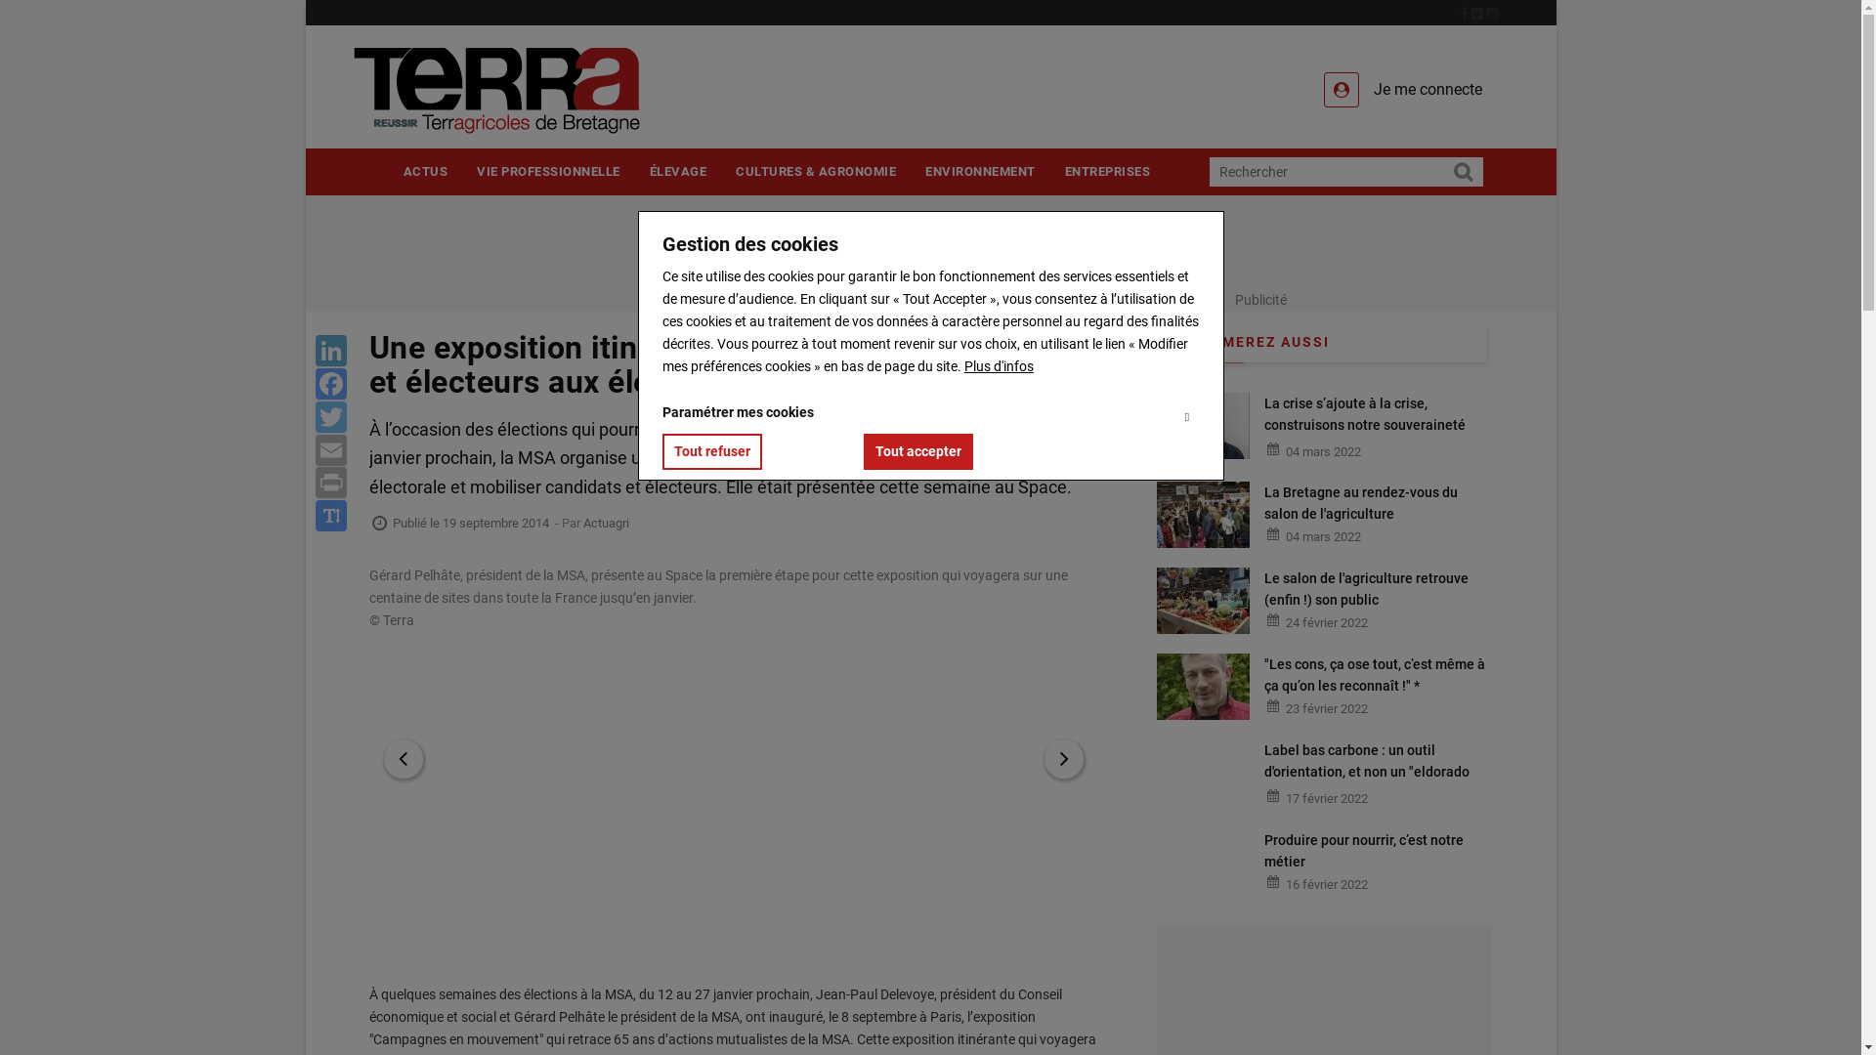 The width and height of the screenshot is (1876, 1055). I want to click on 'CULTURES & AGRONOMIE', so click(816, 170).